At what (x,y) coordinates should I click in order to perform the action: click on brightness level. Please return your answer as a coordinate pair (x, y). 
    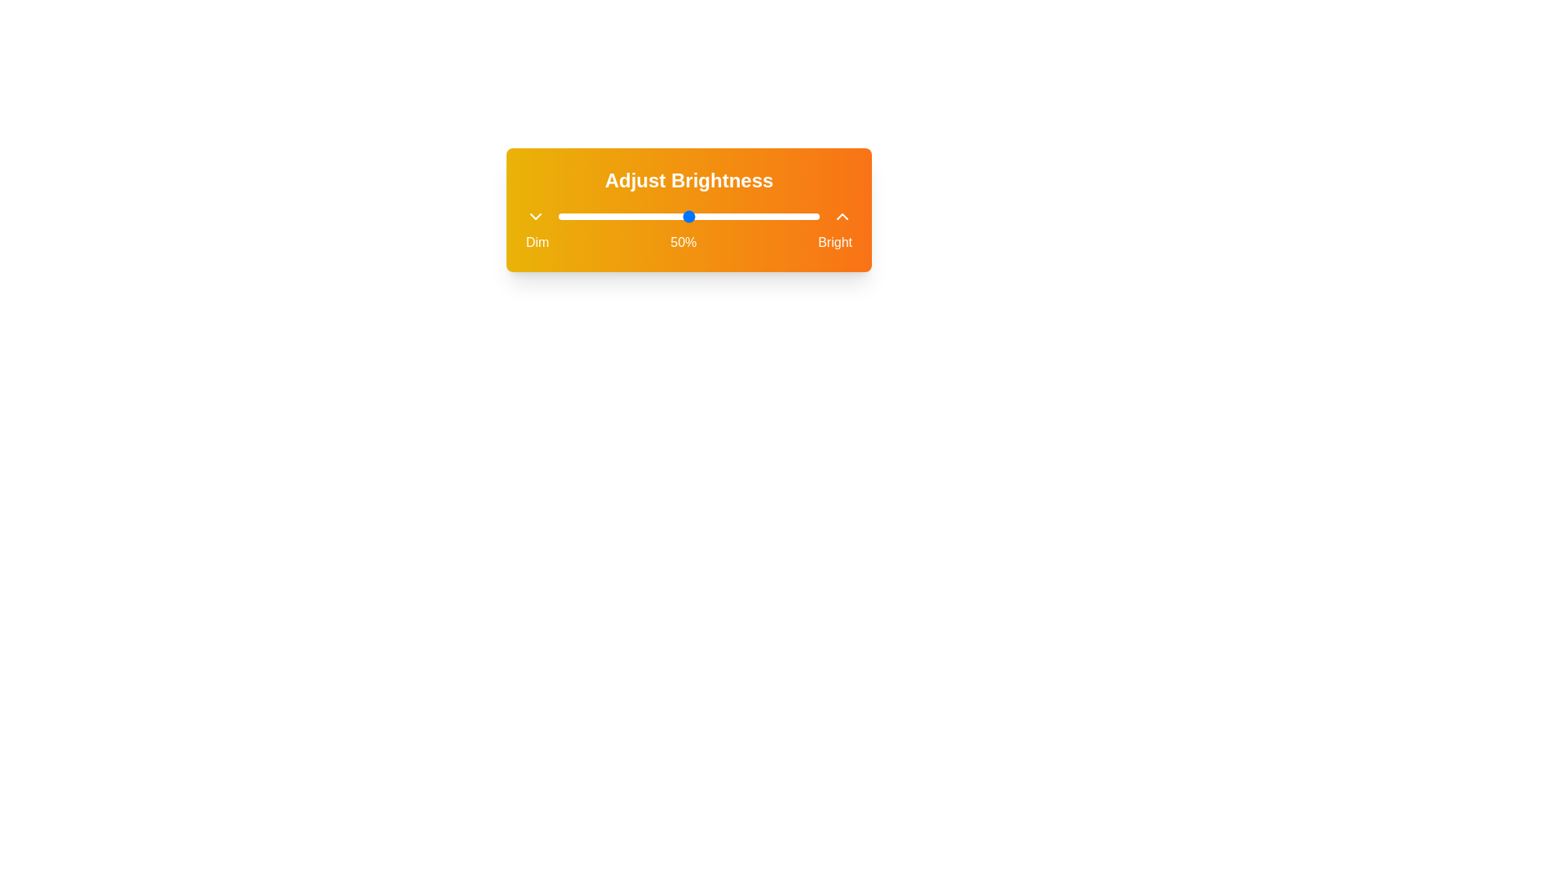
    Looking at the image, I should click on (730, 216).